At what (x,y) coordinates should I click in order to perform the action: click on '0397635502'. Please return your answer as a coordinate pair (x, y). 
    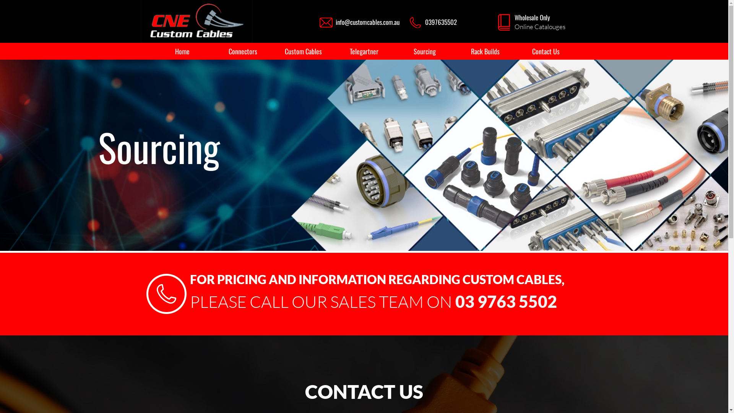
    Looking at the image, I should click on (441, 21).